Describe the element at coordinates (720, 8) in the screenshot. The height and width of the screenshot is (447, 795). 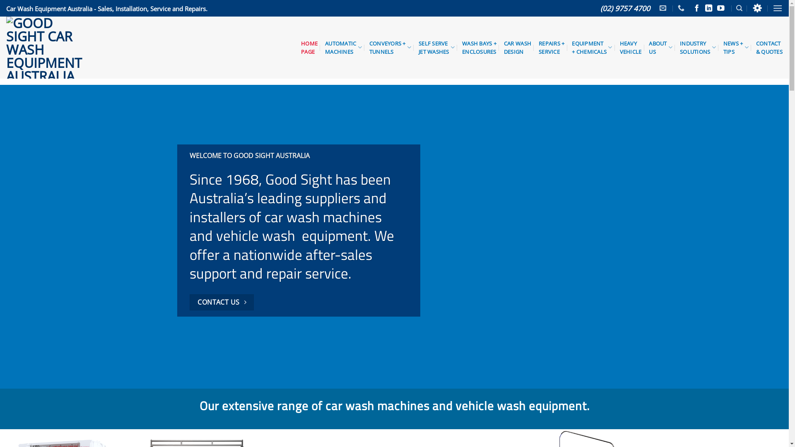
I see `'Follow on YouTube'` at that location.